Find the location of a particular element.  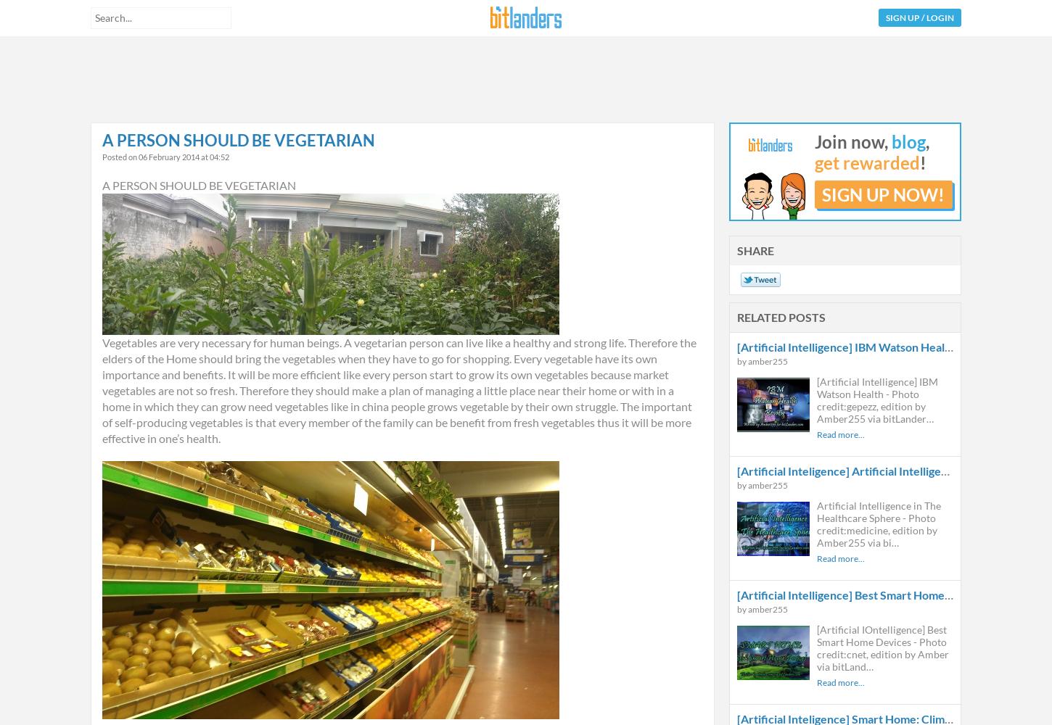

'at' is located at coordinates (200, 156).